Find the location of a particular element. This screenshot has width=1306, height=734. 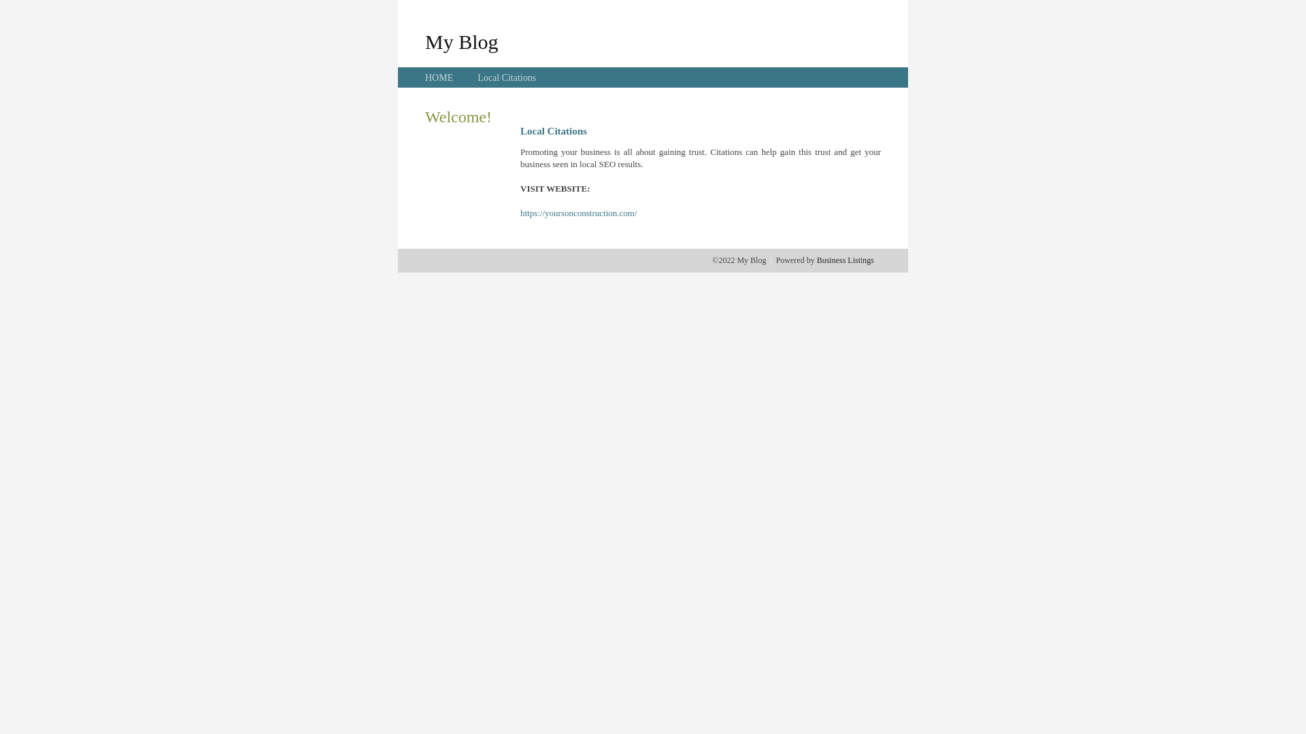

'https://yoursonconstruction.com/' is located at coordinates (578, 213).